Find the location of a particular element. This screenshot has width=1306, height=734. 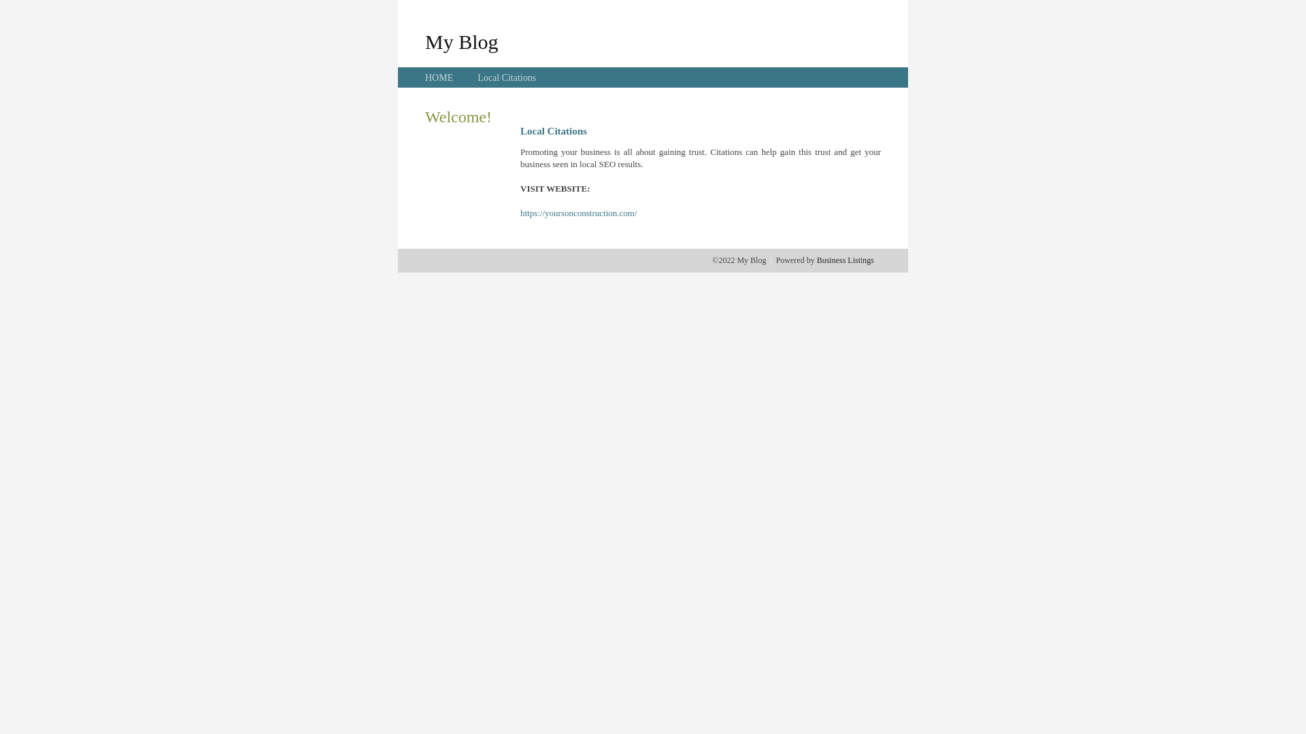

'https://yoursonconstruction.com/' is located at coordinates (578, 213).